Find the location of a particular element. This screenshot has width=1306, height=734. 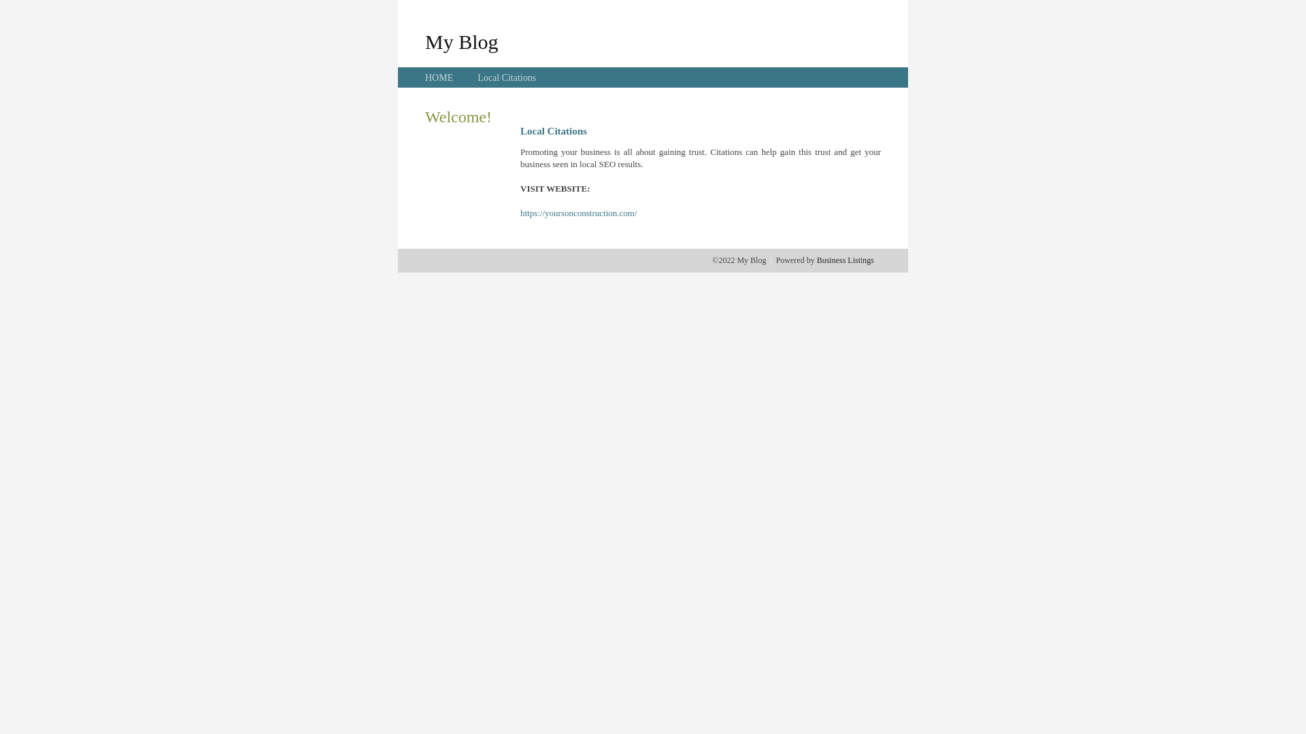

'https://yoursonconstruction.com/' is located at coordinates (578, 213).